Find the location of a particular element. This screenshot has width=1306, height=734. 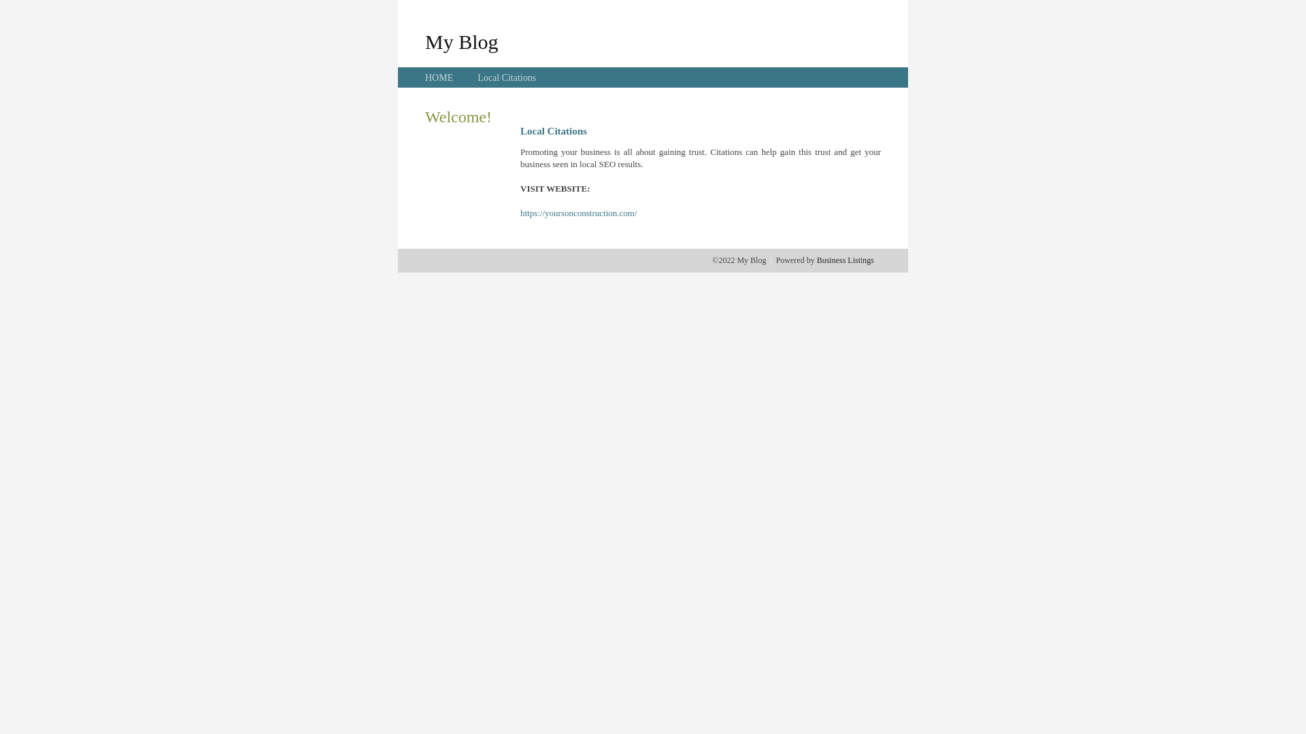

'https://yoursonconstruction.com/' is located at coordinates (578, 213).